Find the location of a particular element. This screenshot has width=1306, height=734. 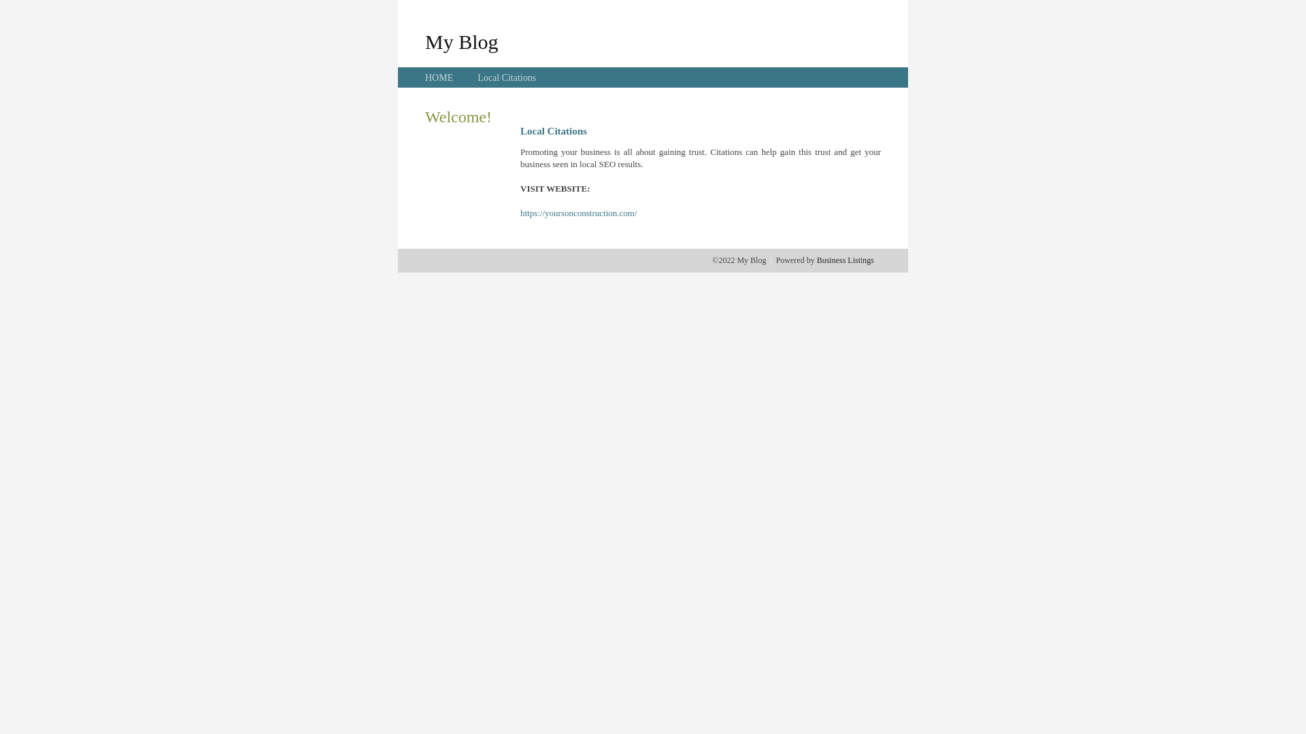

'https://yoursonconstruction.com/' is located at coordinates (578, 213).